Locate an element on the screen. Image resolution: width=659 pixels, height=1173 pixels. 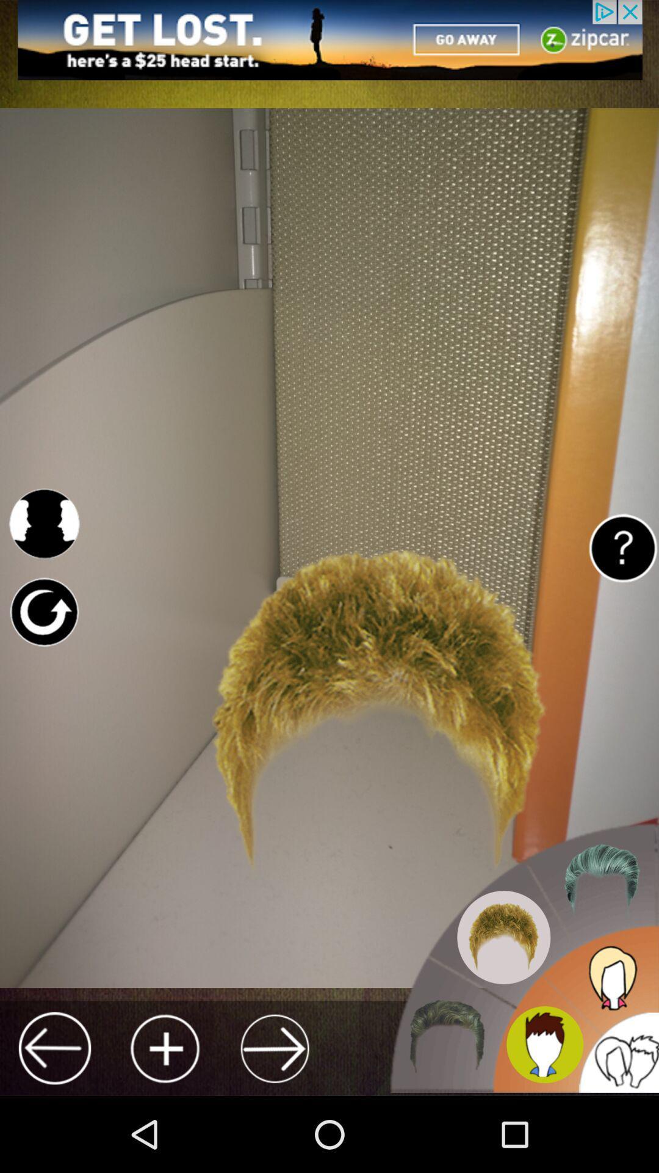
the help icon is located at coordinates (622, 586).